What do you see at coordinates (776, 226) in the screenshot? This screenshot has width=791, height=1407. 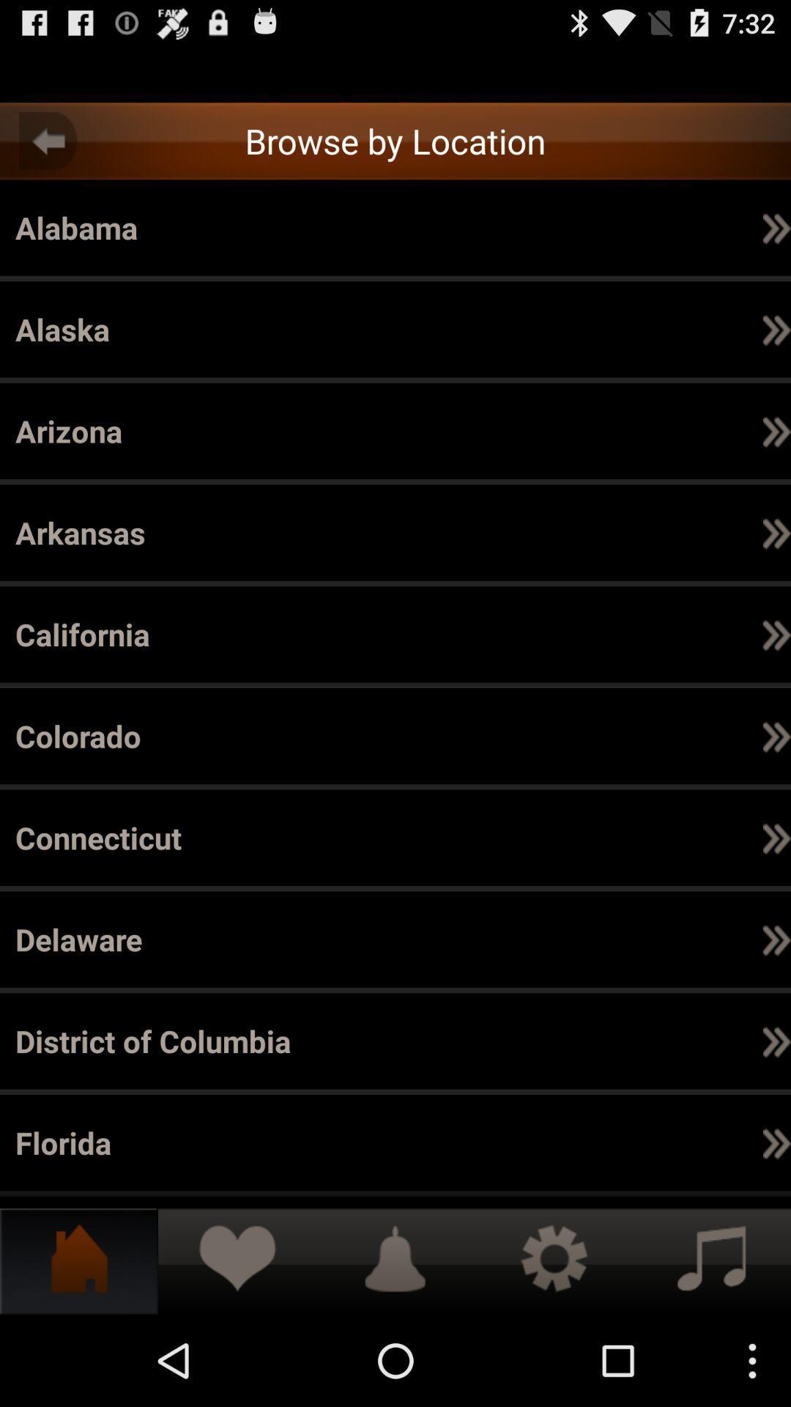 I see `icon below the california item` at bounding box center [776, 226].